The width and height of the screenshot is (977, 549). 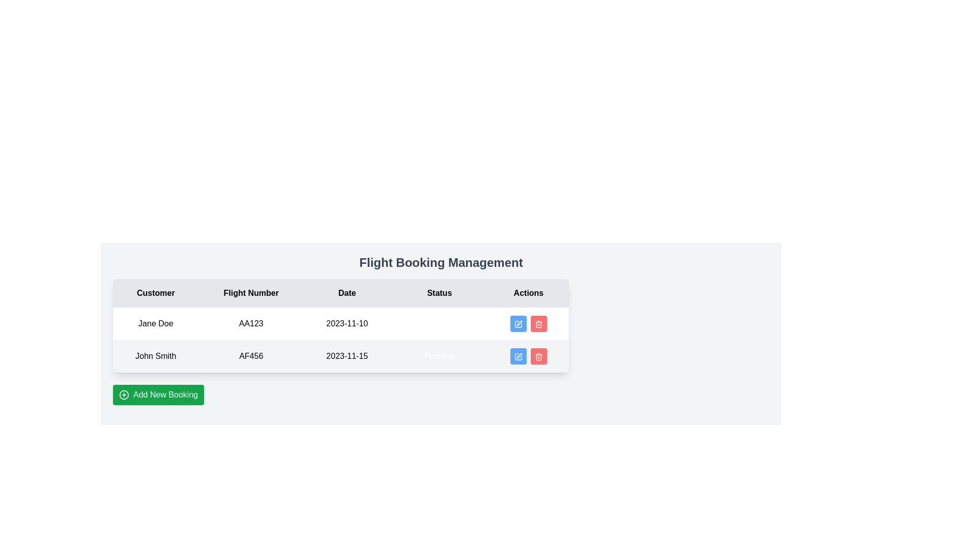 What do you see at coordinates (155, 356) in the screenshot?
I see `the text label 'John Smith' located in the first cell of the second row under the 'Customer' column in the data table` at bounding box center [155, 356].